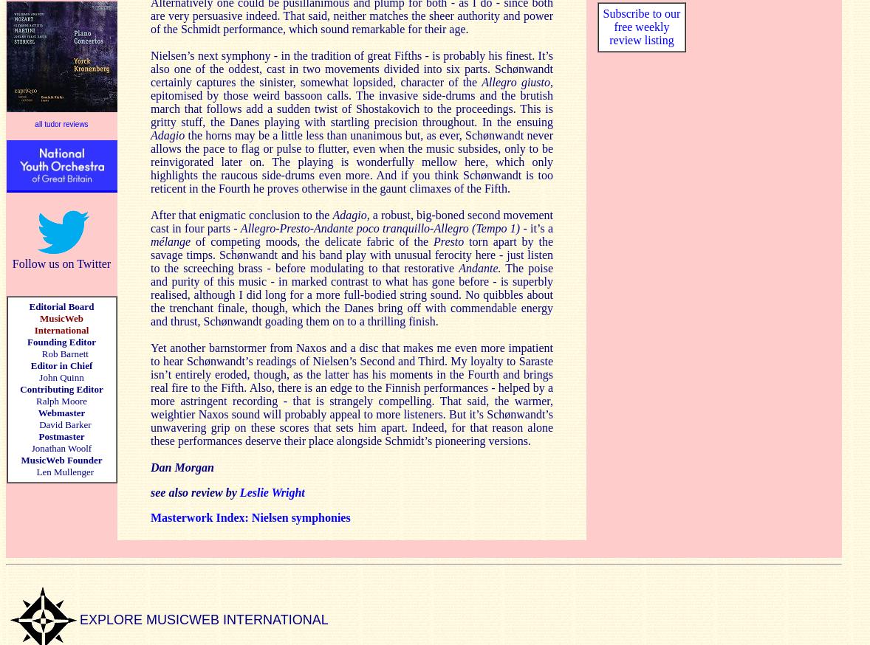  What do you see at coordinates (272, 491) in the screenshot?
I see `'Leslie 
                  Wright'` at bounding box center [272, 491].